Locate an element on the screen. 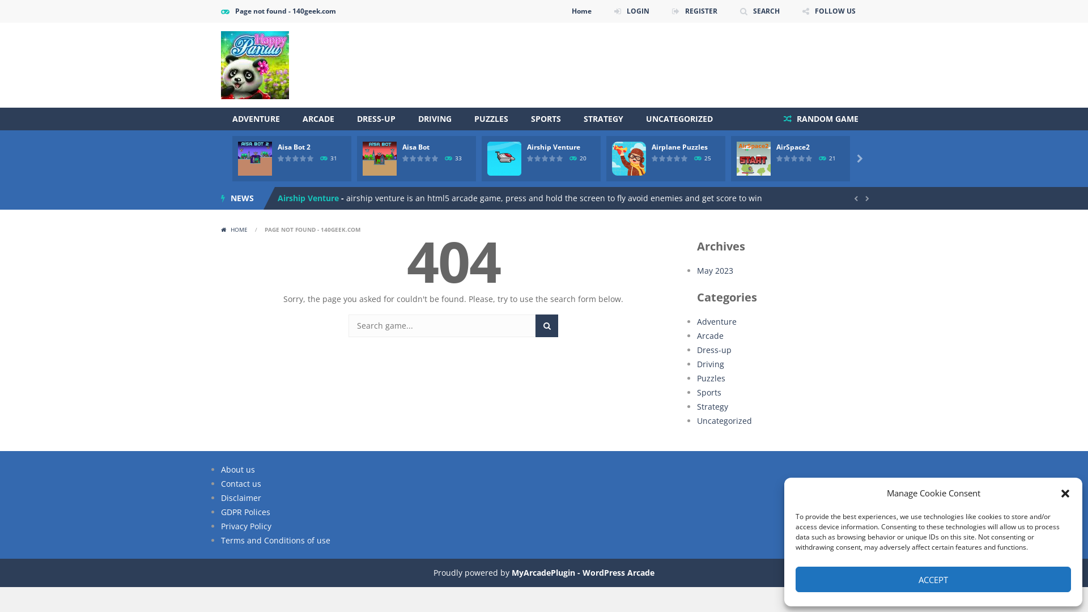 This screenshot has width=1088, height=612. 'ACCEPT' is located at coordinates (933, 579).